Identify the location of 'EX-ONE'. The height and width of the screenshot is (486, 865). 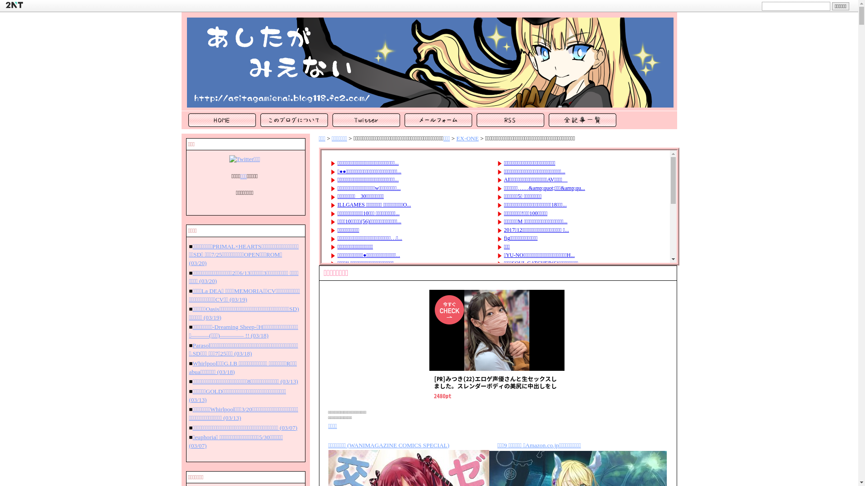
(467, 138).